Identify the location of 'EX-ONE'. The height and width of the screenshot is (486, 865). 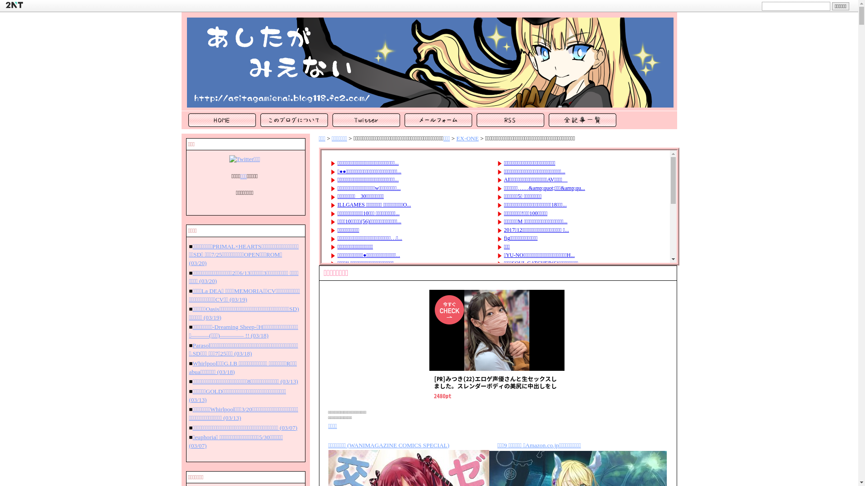
(467, 138).